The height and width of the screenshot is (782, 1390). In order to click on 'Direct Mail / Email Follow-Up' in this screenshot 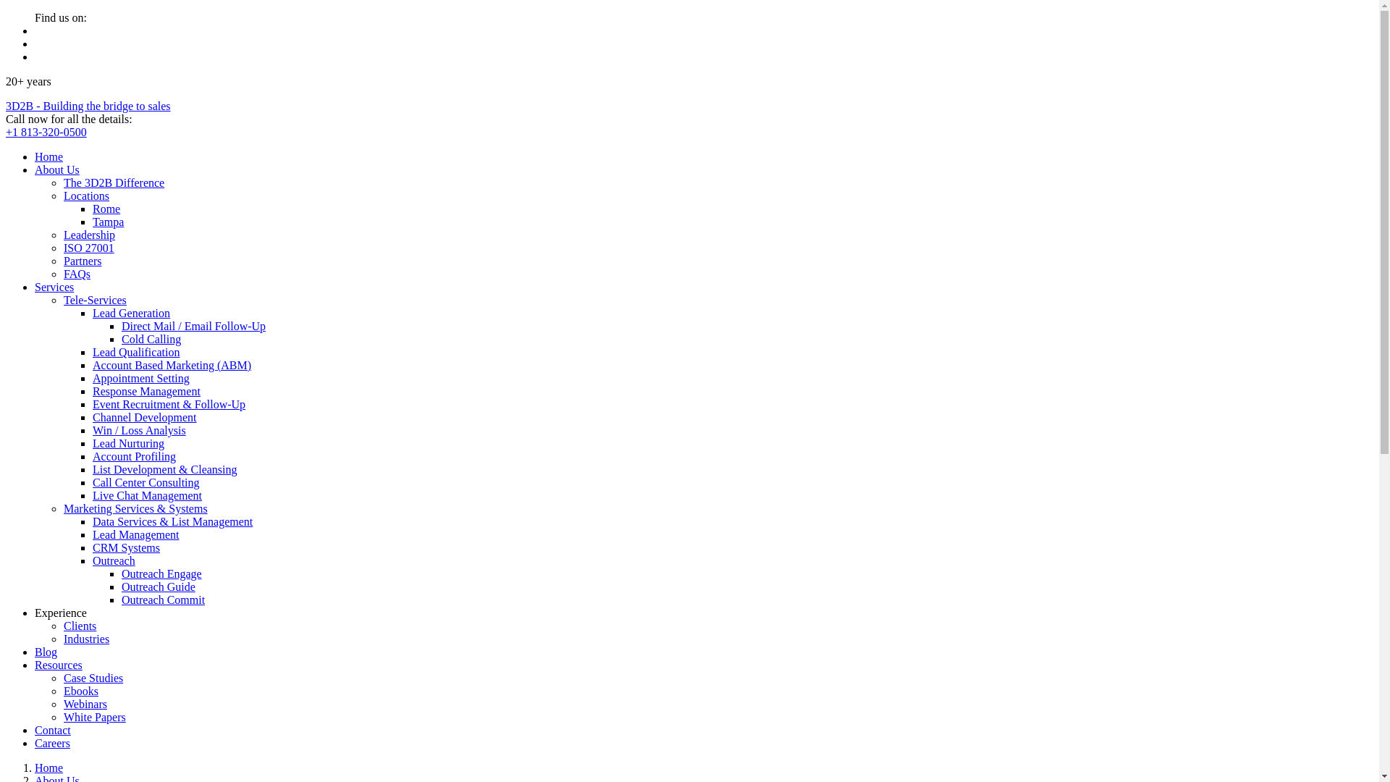, I will do `click(193, 326)`.